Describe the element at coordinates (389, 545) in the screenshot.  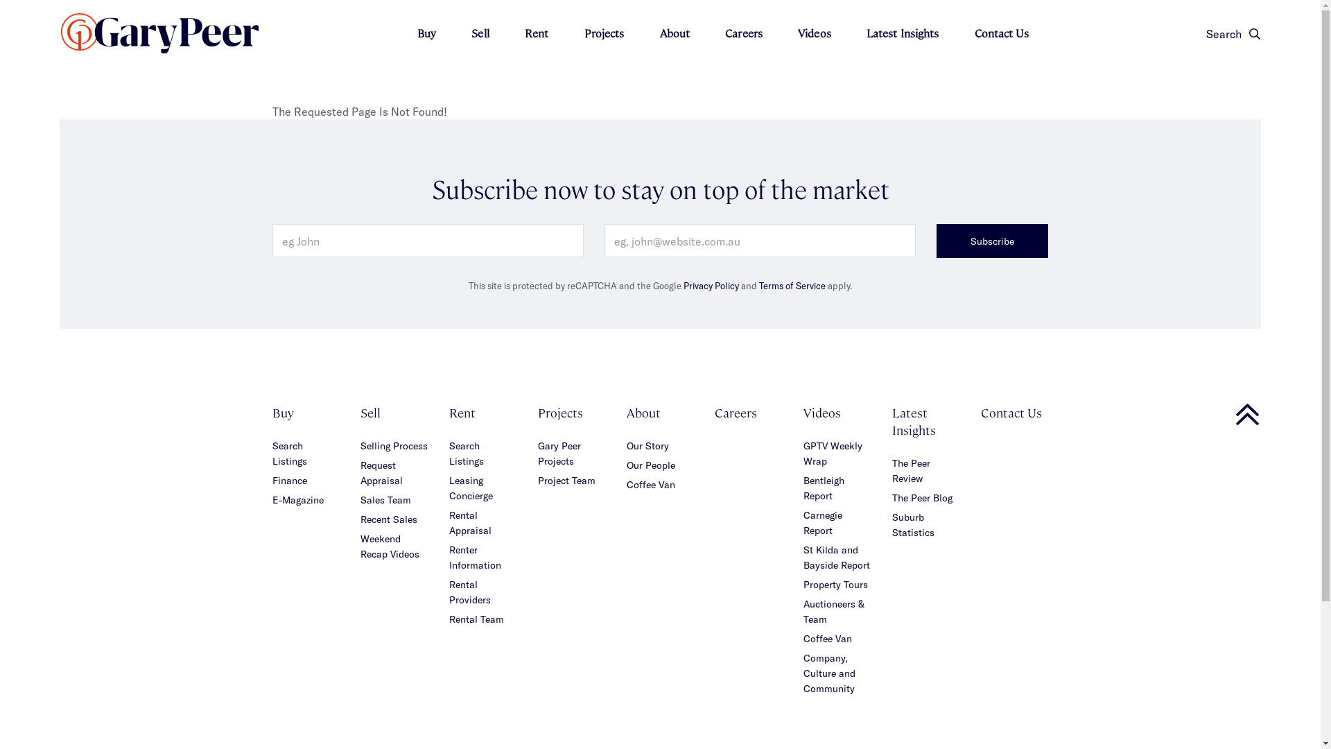
I see `'Weekend Recap Videos'` at that location.